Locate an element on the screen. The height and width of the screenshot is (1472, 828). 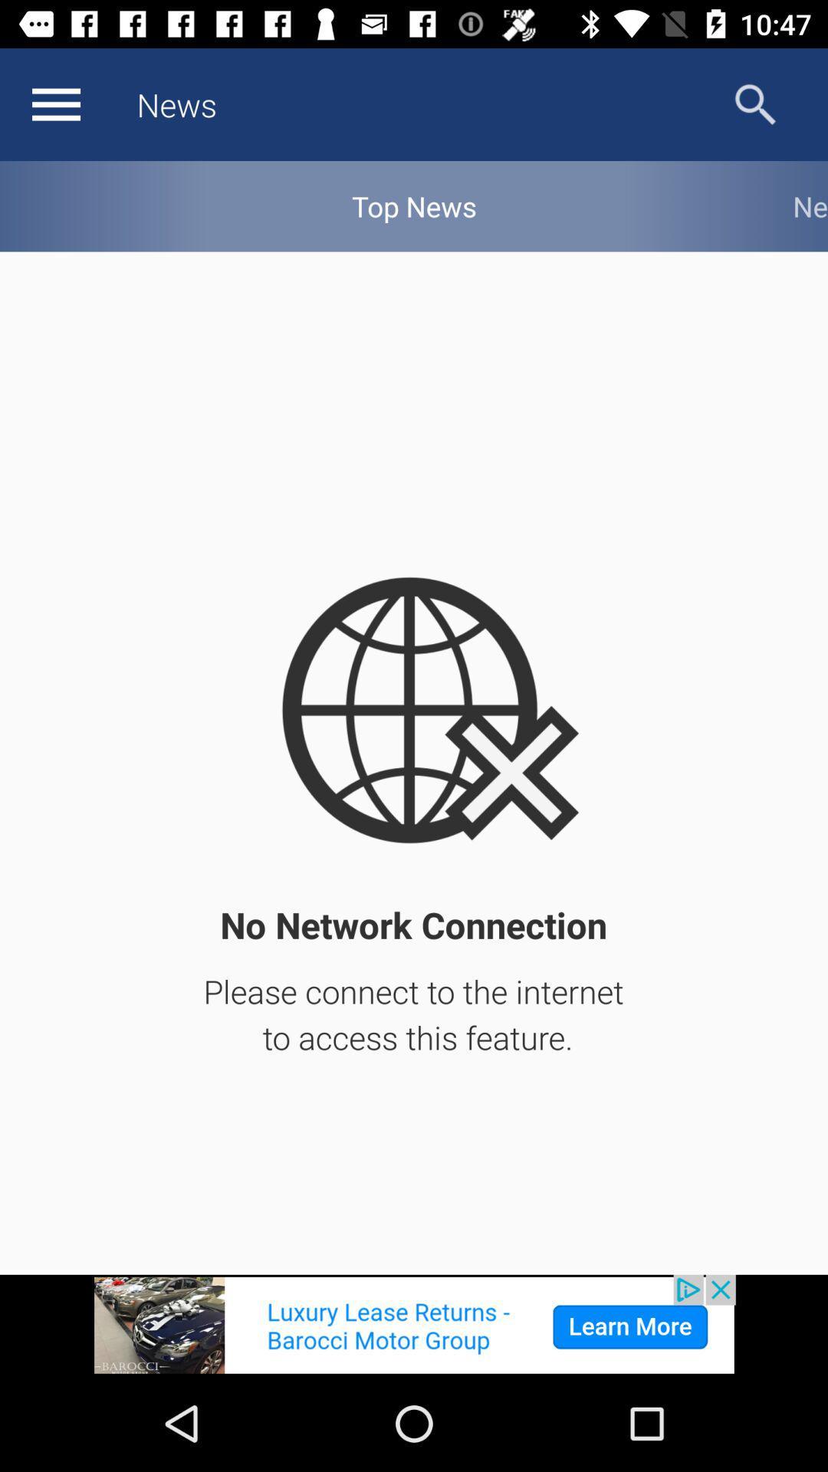
advertisement is located at coordinates (414, 1324).